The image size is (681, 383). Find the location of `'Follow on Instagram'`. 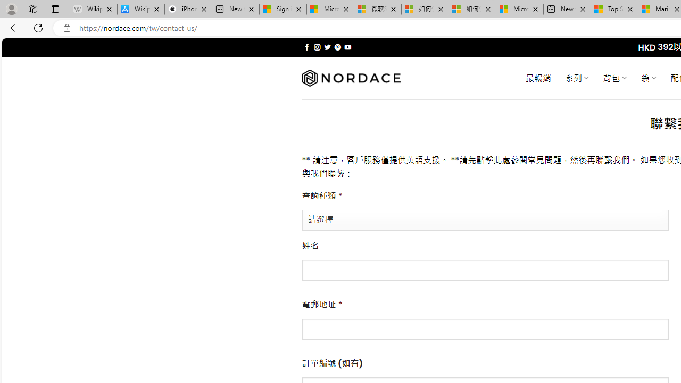

'Follow on Instagram' is located at coordinates (317, 47).